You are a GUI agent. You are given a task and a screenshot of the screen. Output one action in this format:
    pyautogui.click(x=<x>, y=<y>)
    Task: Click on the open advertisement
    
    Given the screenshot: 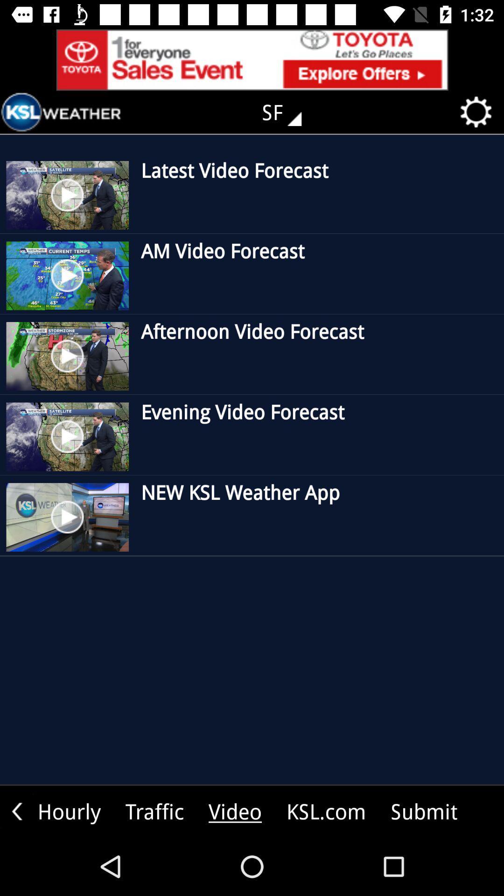 What is the action you would take?
    pyautogui.click(x=252, y=59)
    